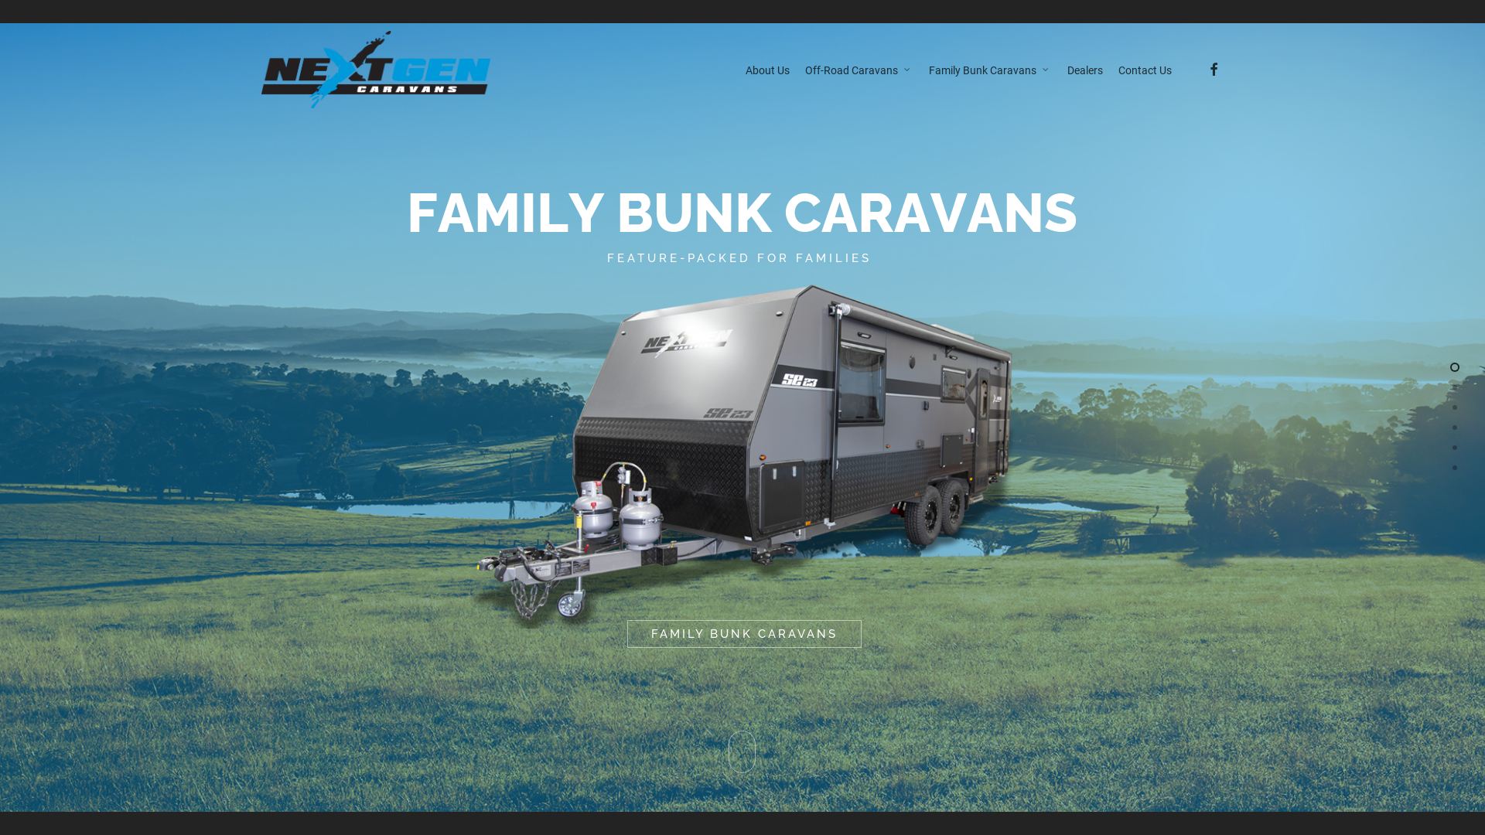 The height and width of the screenshot is (835, 1485). Describe the element at coordinates (988, 68) in the screenshot. I see `'Family Bunk Caravans'` at that location.